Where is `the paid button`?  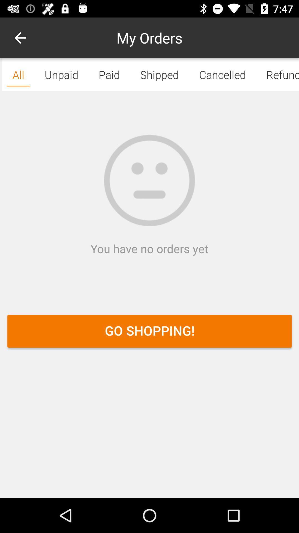
the paid button is located at coordinates (109, 74).